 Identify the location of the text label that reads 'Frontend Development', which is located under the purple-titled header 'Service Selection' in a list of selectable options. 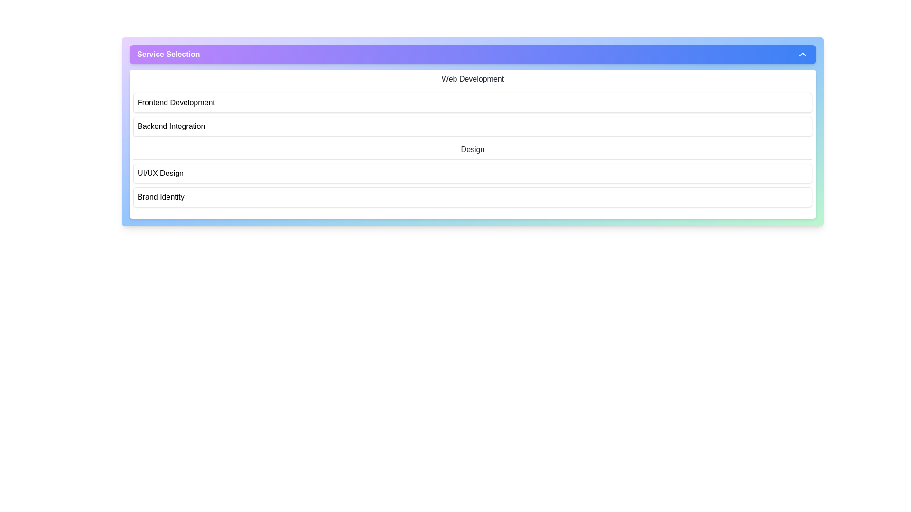
(176, 102).